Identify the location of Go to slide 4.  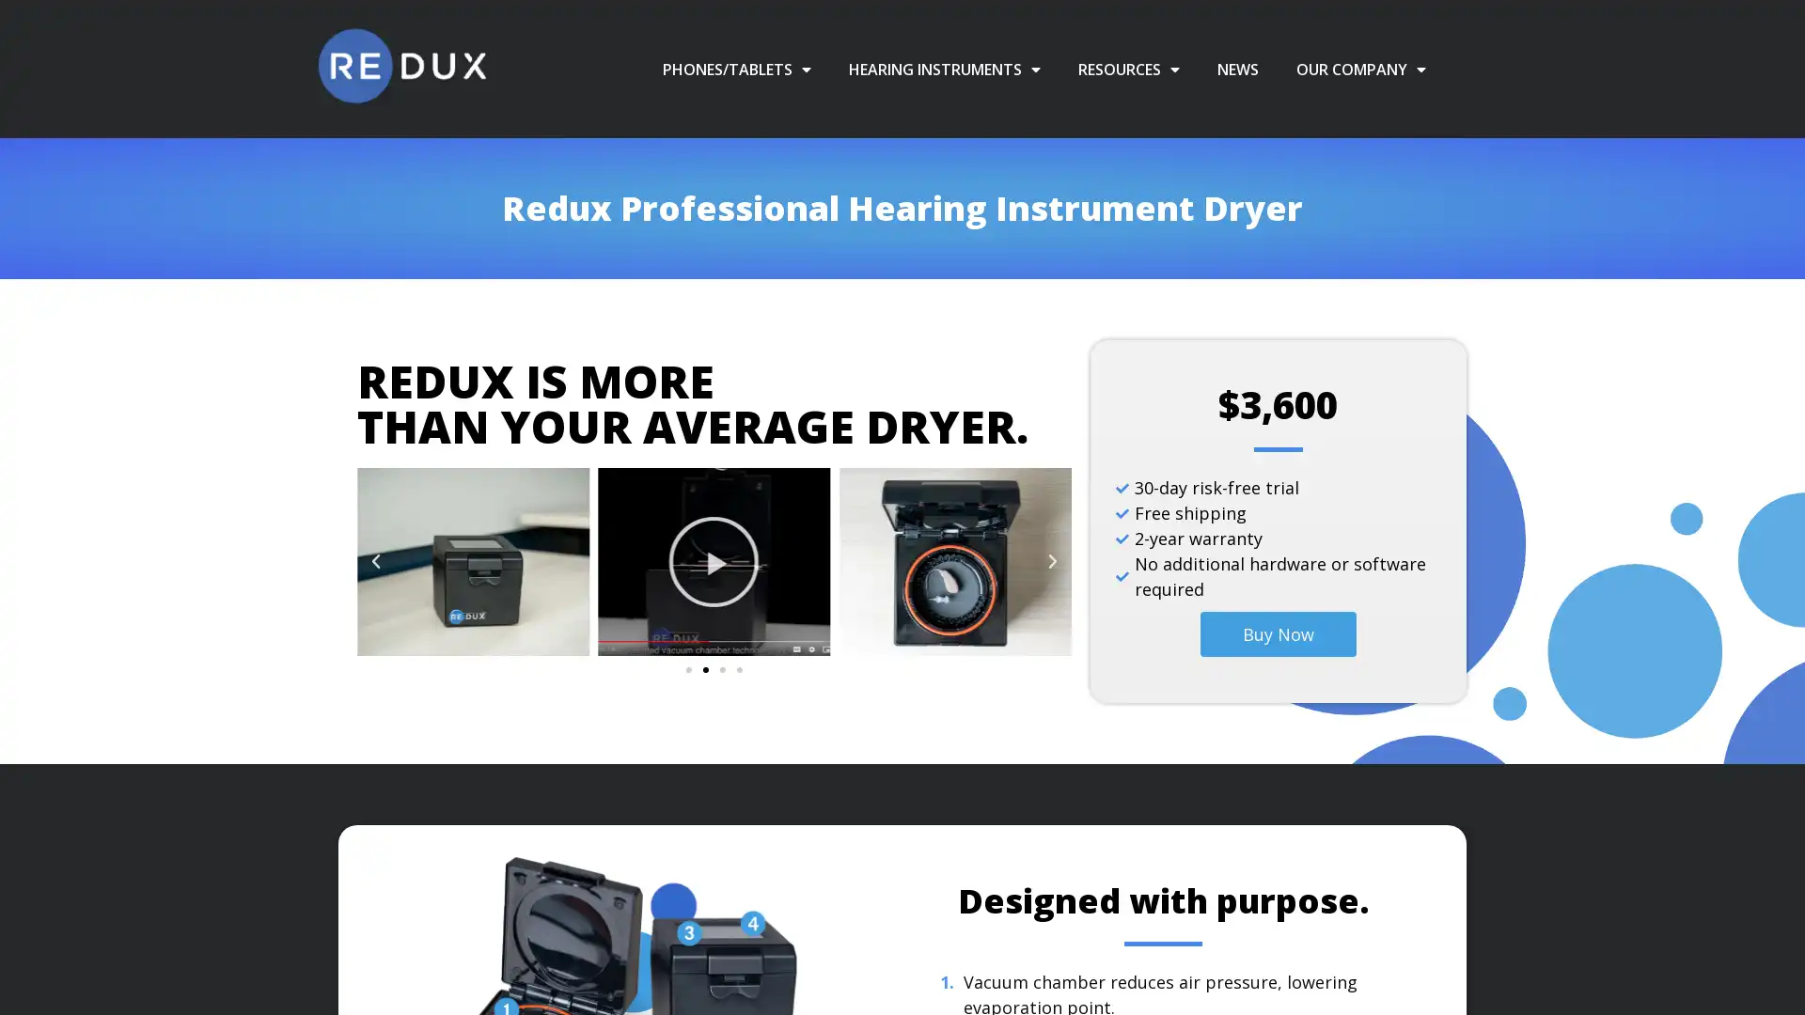
(738, 669).